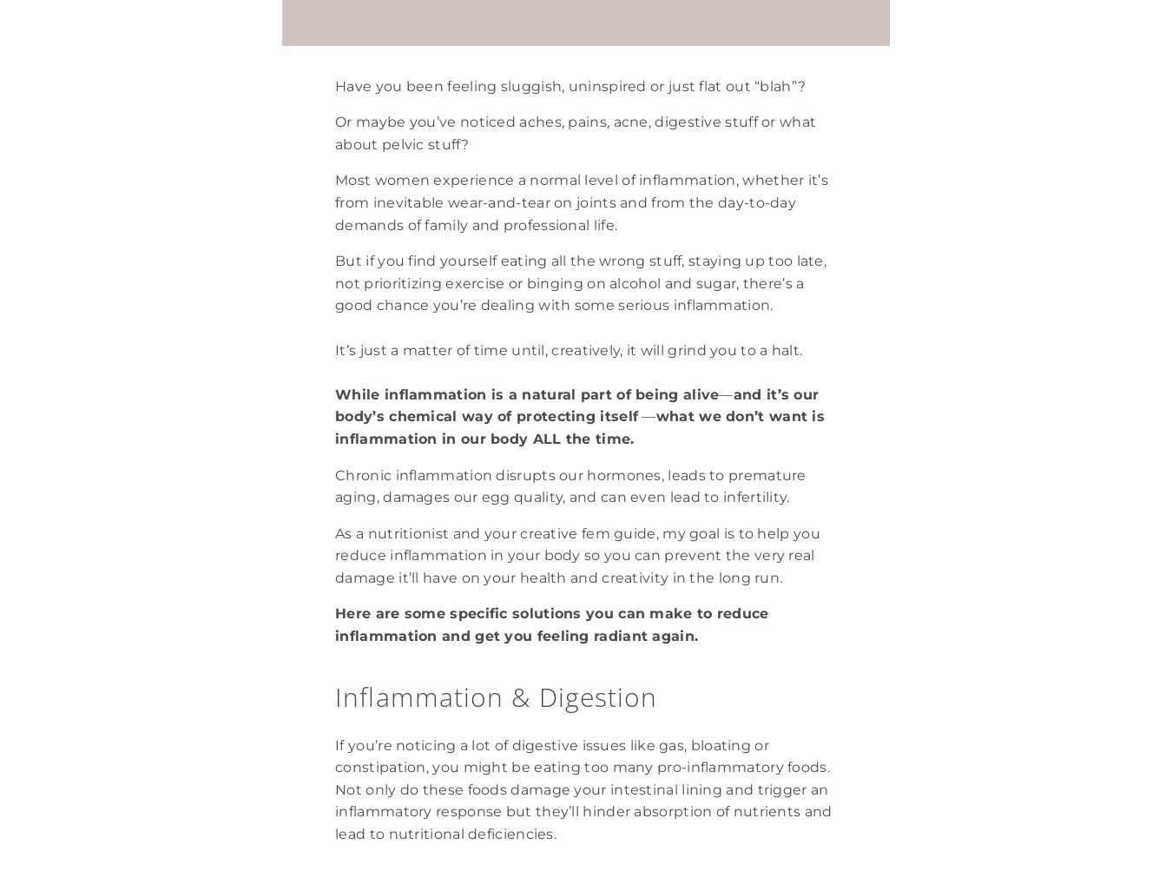  Describe the element at coordinates (582, 283) in the screenshot. I see `'But if you find yourself eating all the wrong stuff, staying up too late, not prioritizing exercise or binging on alcohol and sugar, there’s a good chance you’re dealing with some serious inflammation.'` at that location.